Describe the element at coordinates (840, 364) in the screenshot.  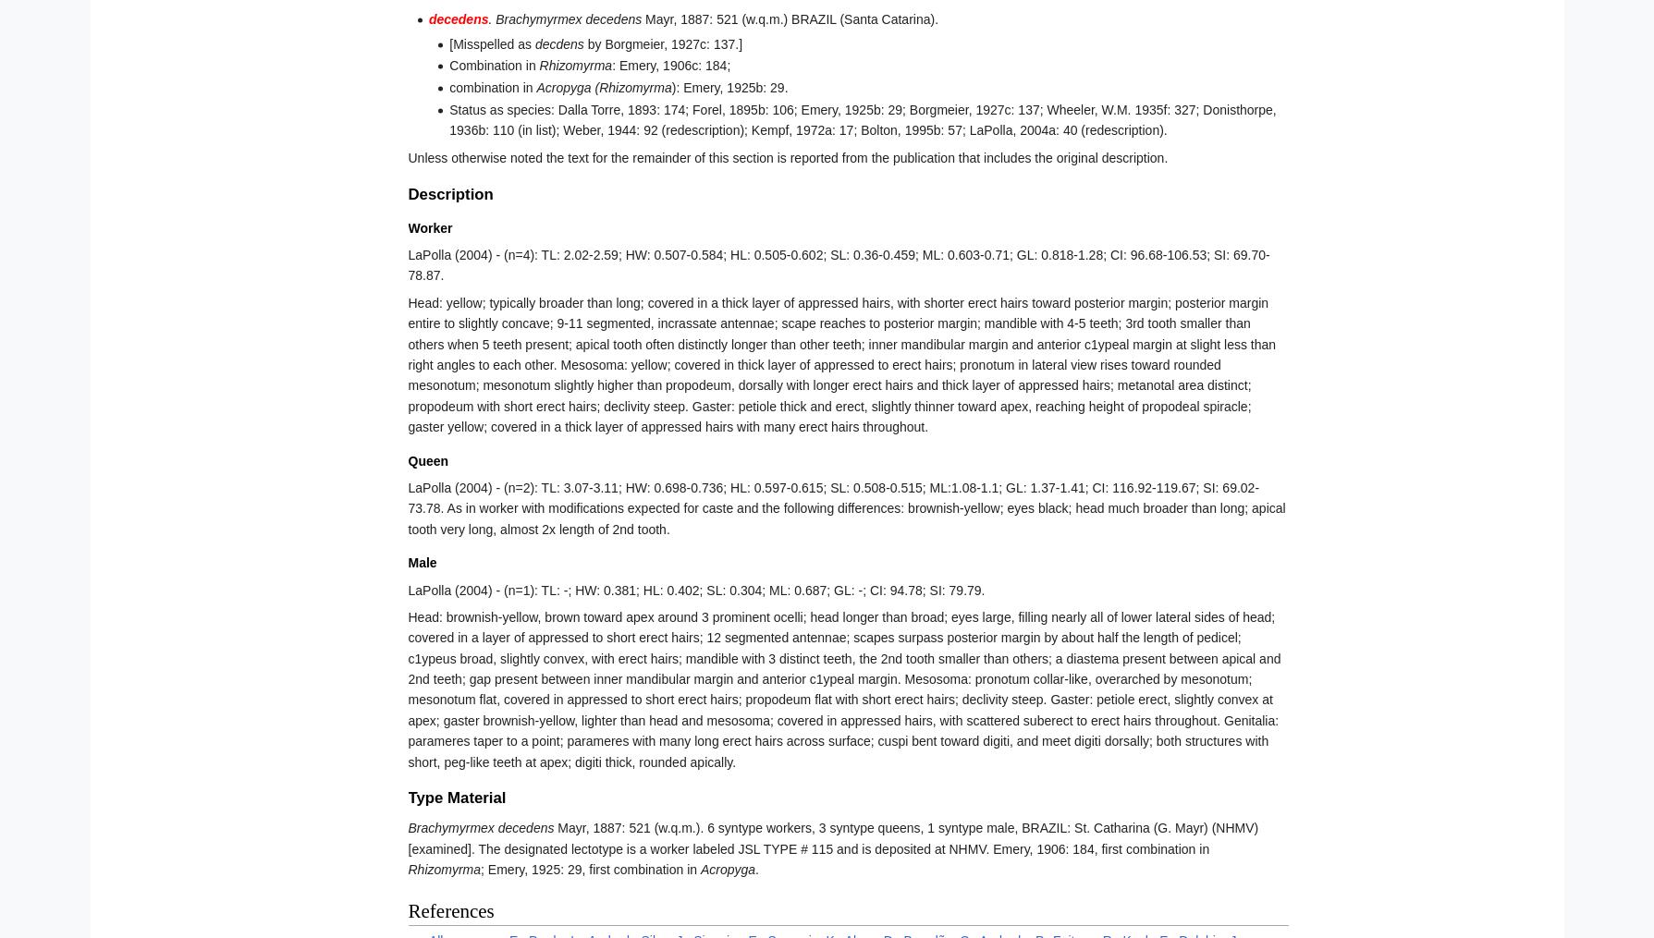
I see `'Head: yellow; typically broader than long; covered in a thick layer of appressed hairs, with shorter erect hairs toward posterior margin; posterior margin entire to slightly concave; 9-11 segmented, incrassate antennae; scape reaches to posterior margin; mandible with 4-5 teeth; 3rd tooth smaller than others when 5 teeth present; apical tooth often distinctly longer than other teeth; inner mandibular margin and anterior c1ypeal margin at slight less than right angles to each other. Mesosoma: yellow; covered in thick layer of appressed to erect hairs; pronotum in lateral view rises toward rounded mesonotum; mesonotum slightly higher than propodeum, dorsally with longer erect hairs and thick layer of appressed hairs; metanotal area distinct; propodeum with short erect hairs; declivity steep. Gaster: petiole thick and erect, slightly thinner toward apex, reaching height of propodeal spiracle; gaster yellow; covered in a thick layer of appressed hairs with many erect hairs throughout.'` at that location.